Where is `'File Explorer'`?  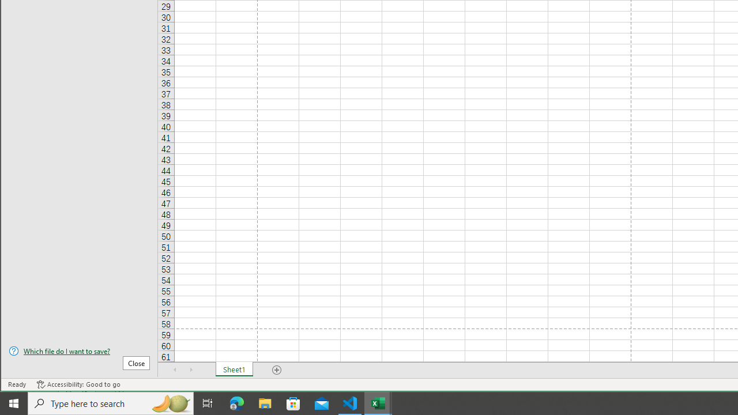
'File Explorer' is located at coordinates (265, 402).